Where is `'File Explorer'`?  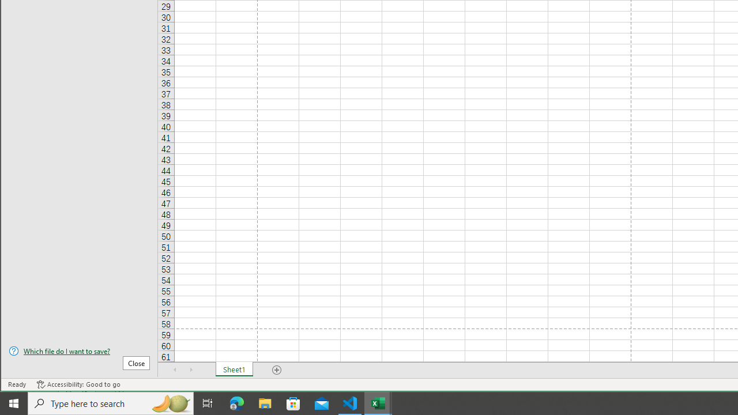
'File Explorer' is located at coordinates (265, 402).